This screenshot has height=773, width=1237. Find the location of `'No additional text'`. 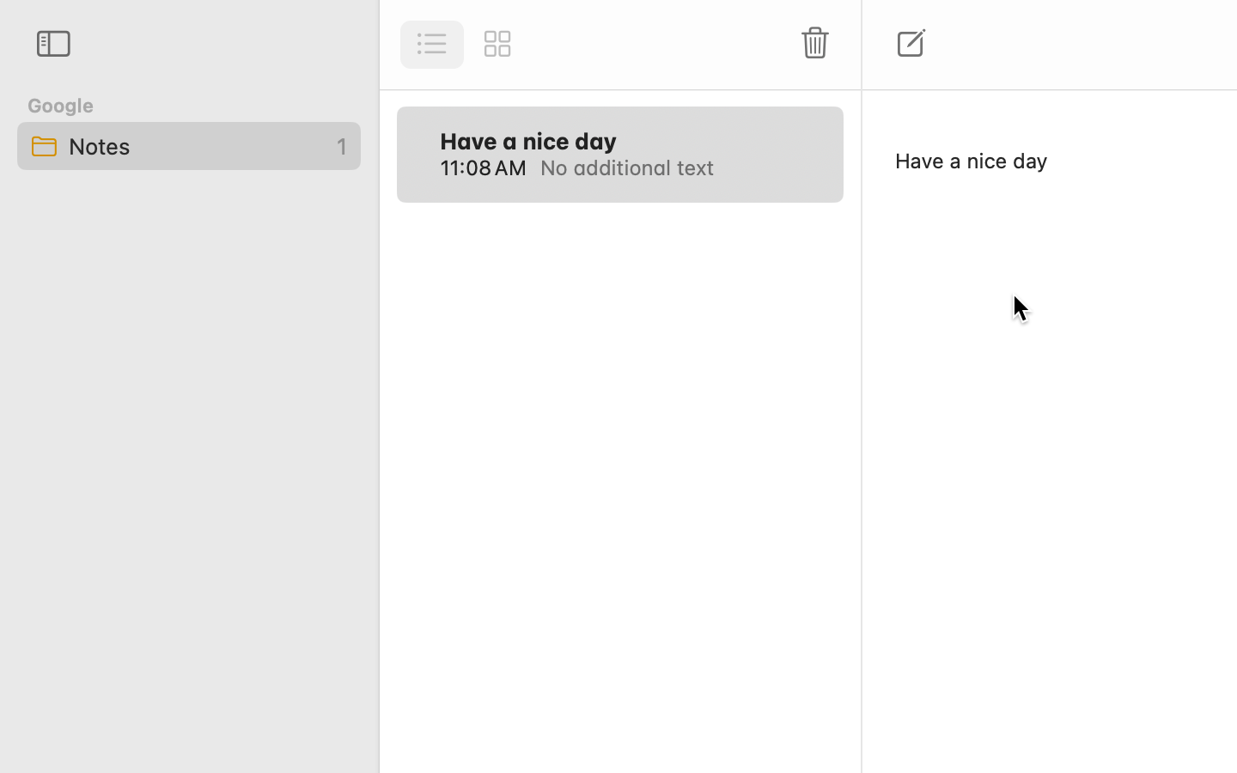

'No additional text' is located at coordinates (672, 167).